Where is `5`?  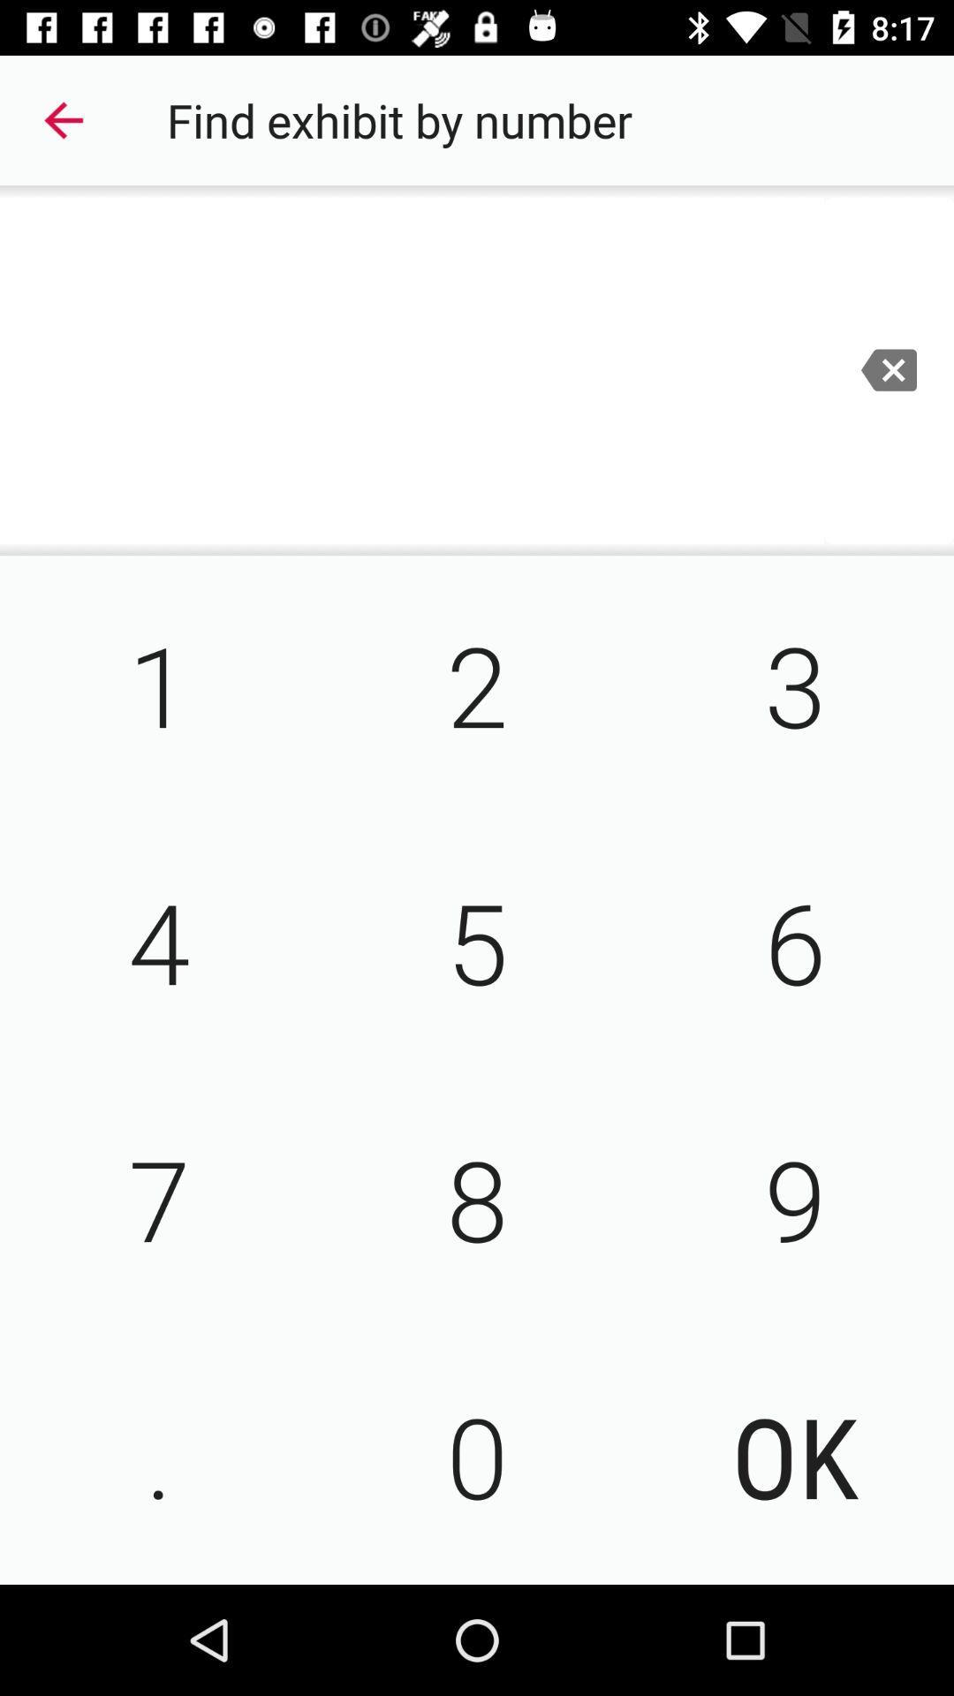 5 is located at coordinates (477, 940).